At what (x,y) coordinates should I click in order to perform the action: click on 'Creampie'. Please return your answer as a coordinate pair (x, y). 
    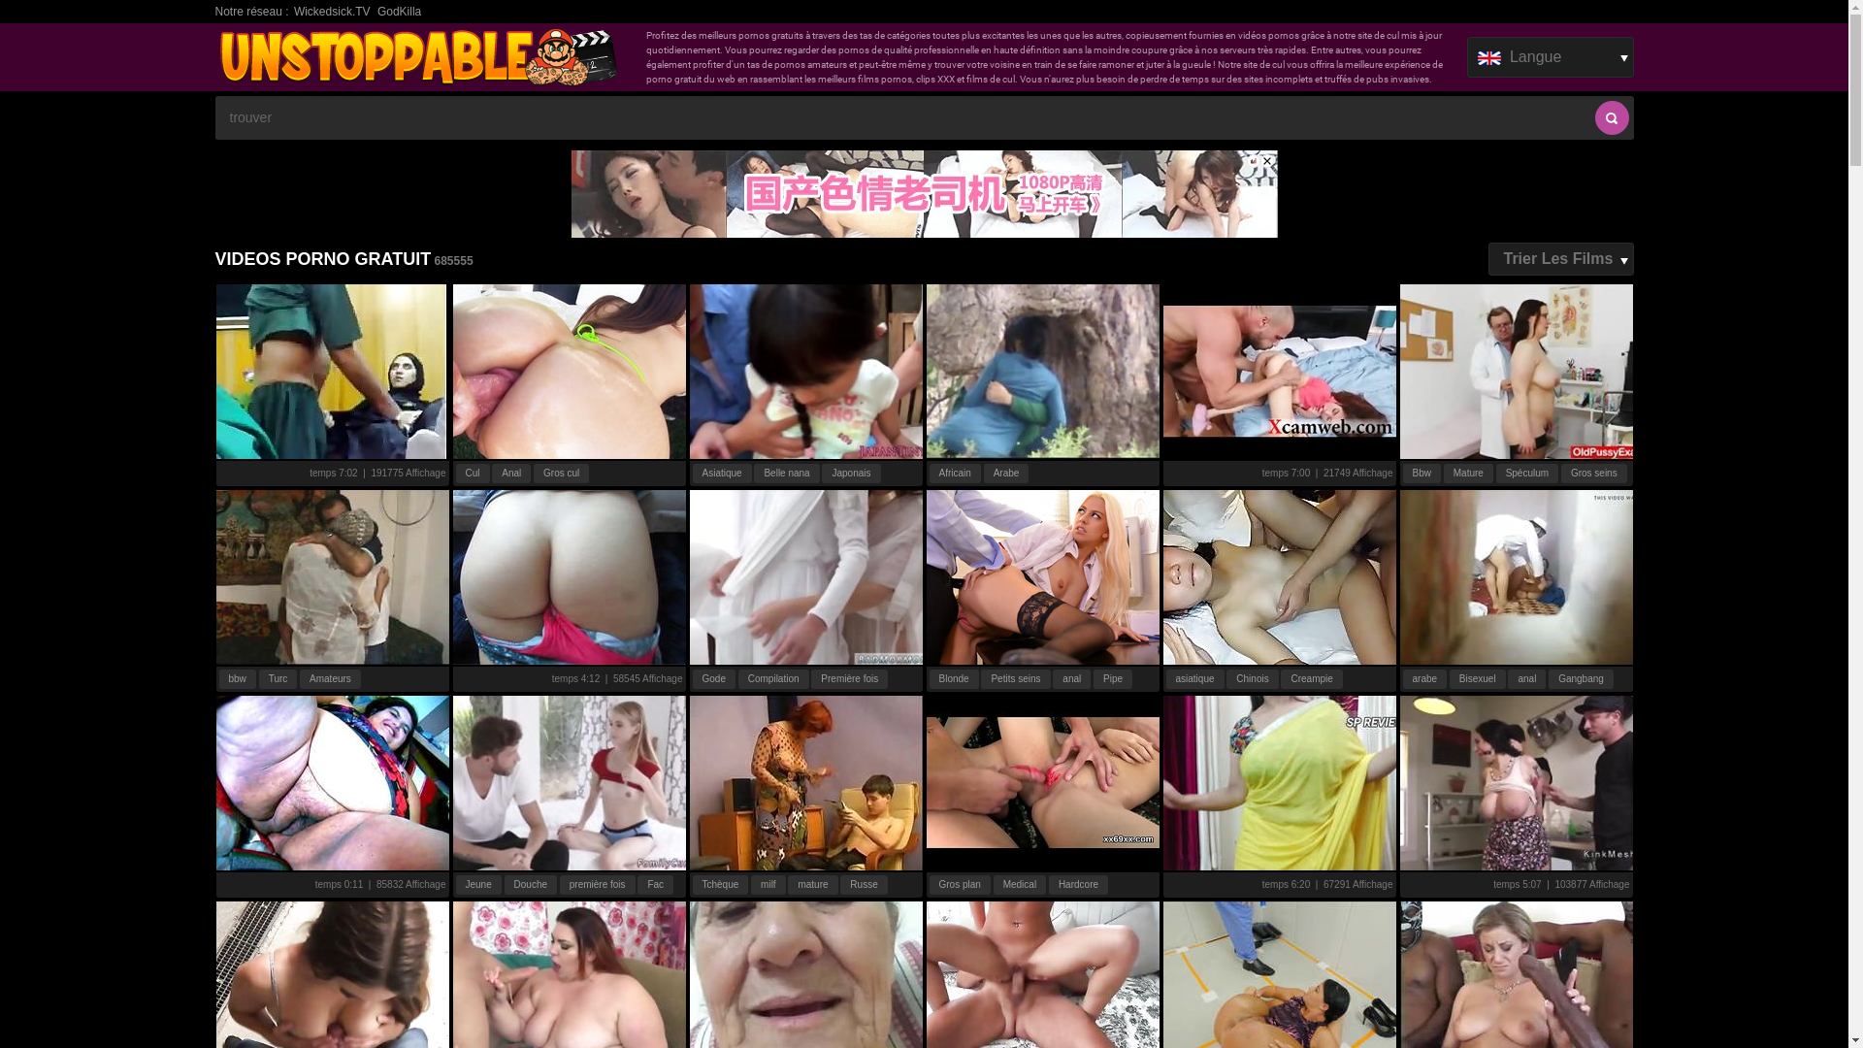
    Looking at the image, I should click on (1311, 677).